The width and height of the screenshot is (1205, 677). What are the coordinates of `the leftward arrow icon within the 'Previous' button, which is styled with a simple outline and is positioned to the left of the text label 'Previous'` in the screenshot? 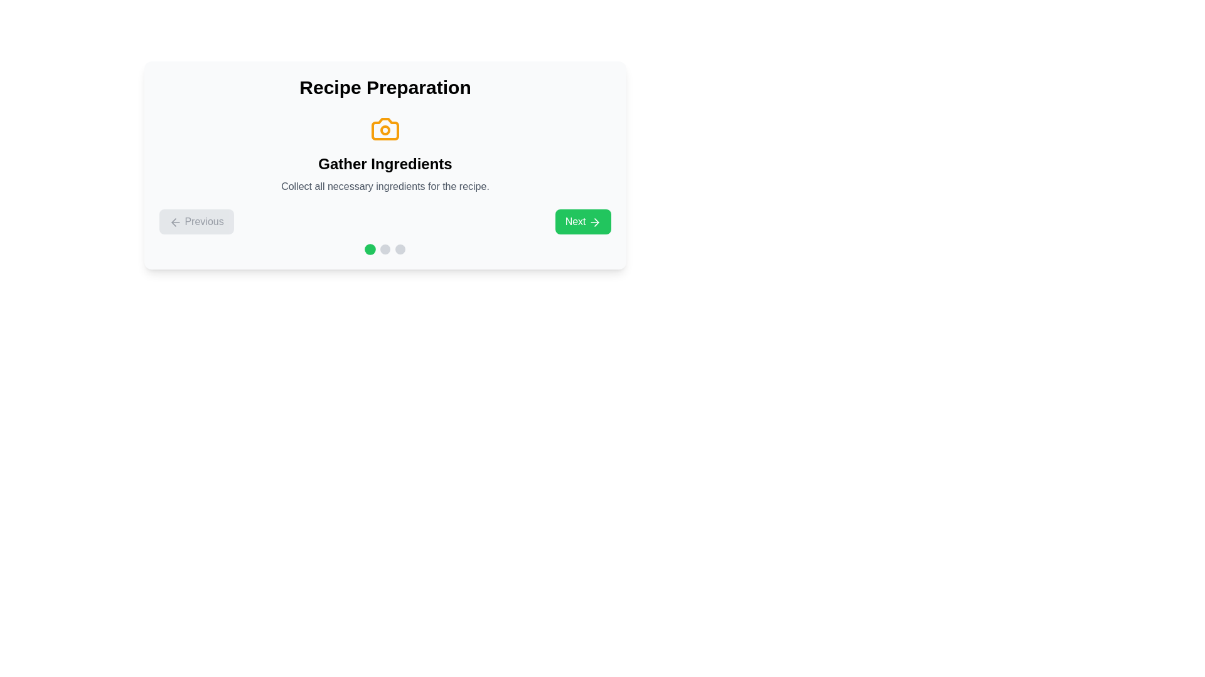 It's located at (174, 221).